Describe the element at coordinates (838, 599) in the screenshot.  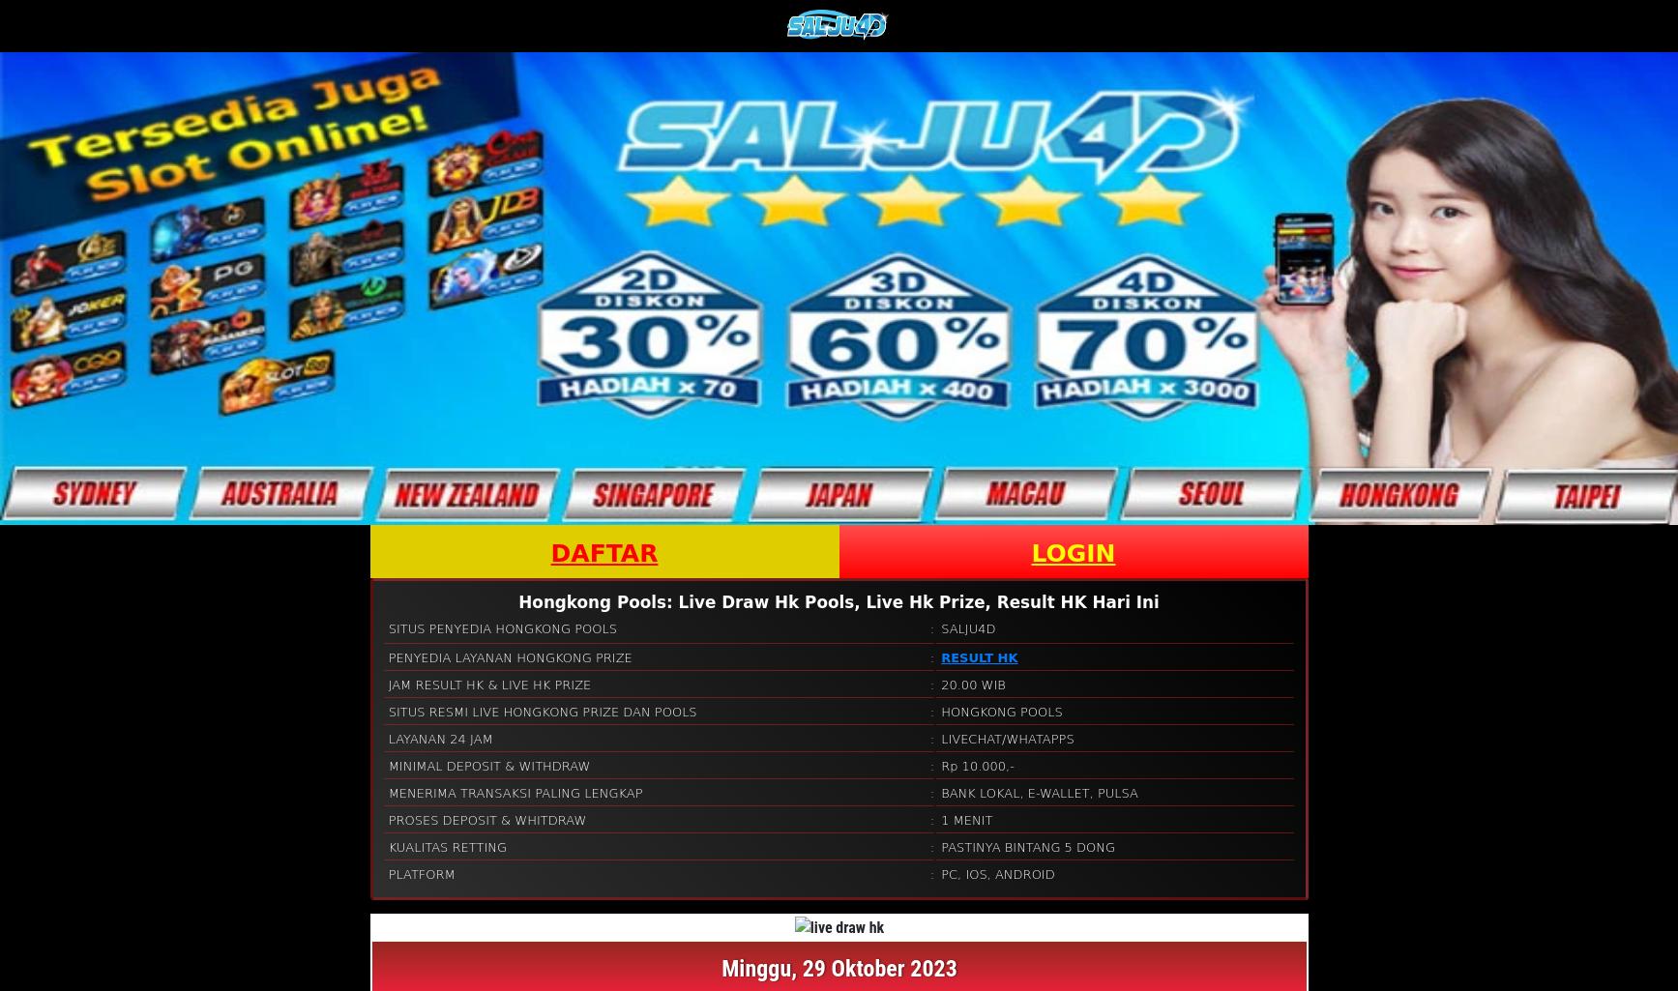
I see `'Hongkong Pools: Live Draw Hk Pools, Live Hk Prize, Result HK Hari Ini'` at that location.